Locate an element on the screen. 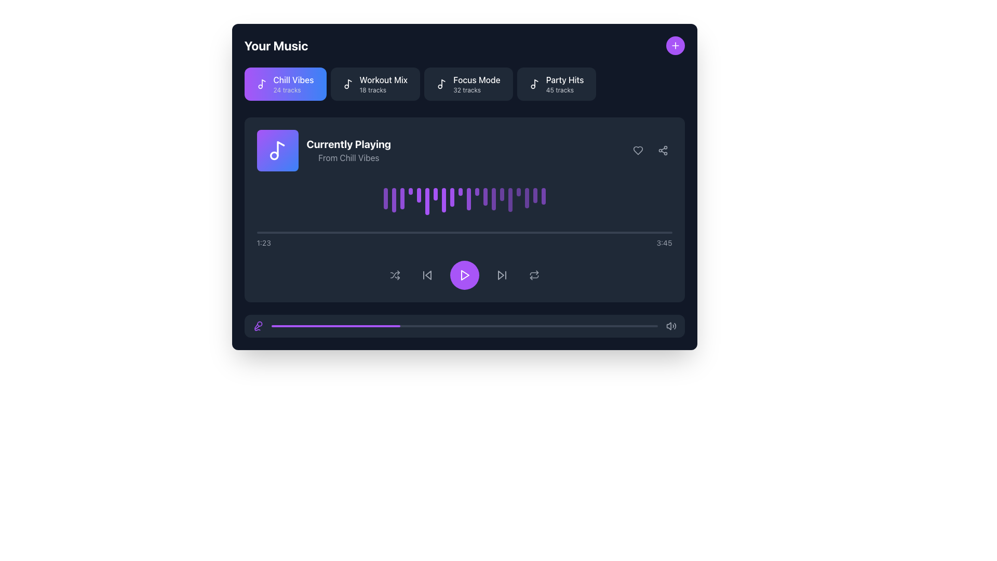 This screenshot has width=997, height=561. the shuffle button located in the lower section of the audio control toolbar, positioned to the far left is located at coordinates (394, 275).